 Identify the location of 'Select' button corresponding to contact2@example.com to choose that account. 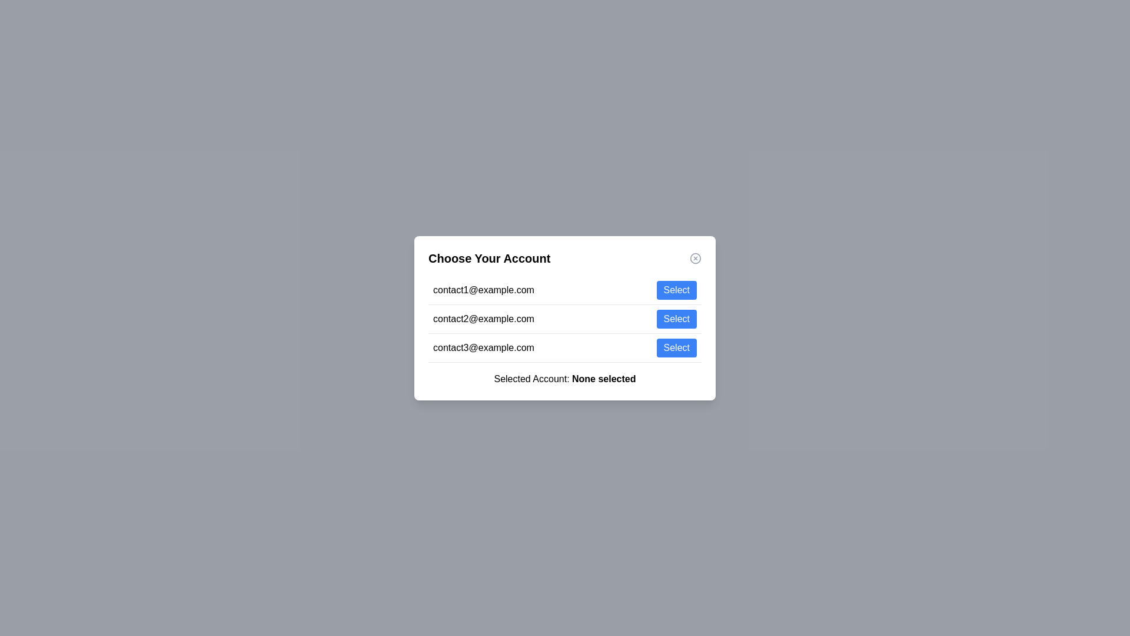
(676, 319).